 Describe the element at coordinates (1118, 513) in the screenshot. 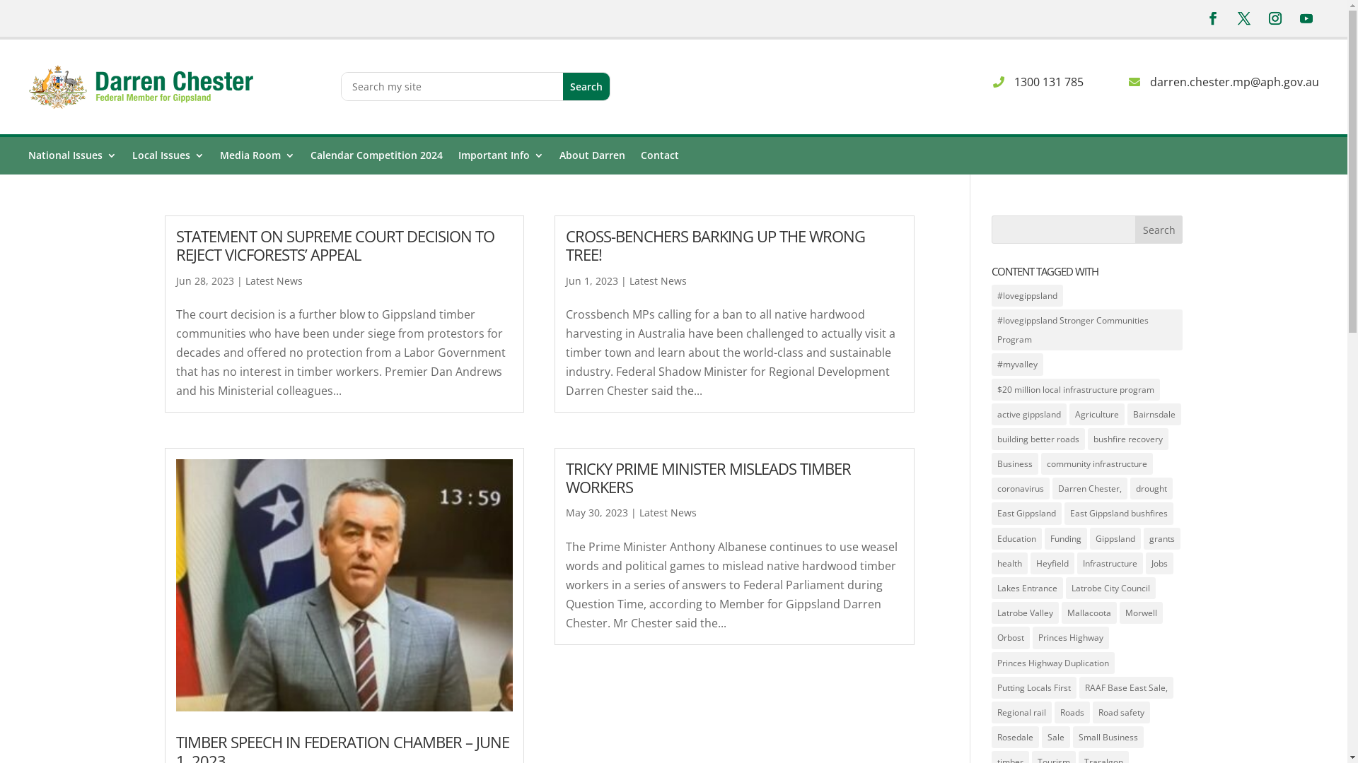

I see `'East Gippsland bushfires'` at that location.